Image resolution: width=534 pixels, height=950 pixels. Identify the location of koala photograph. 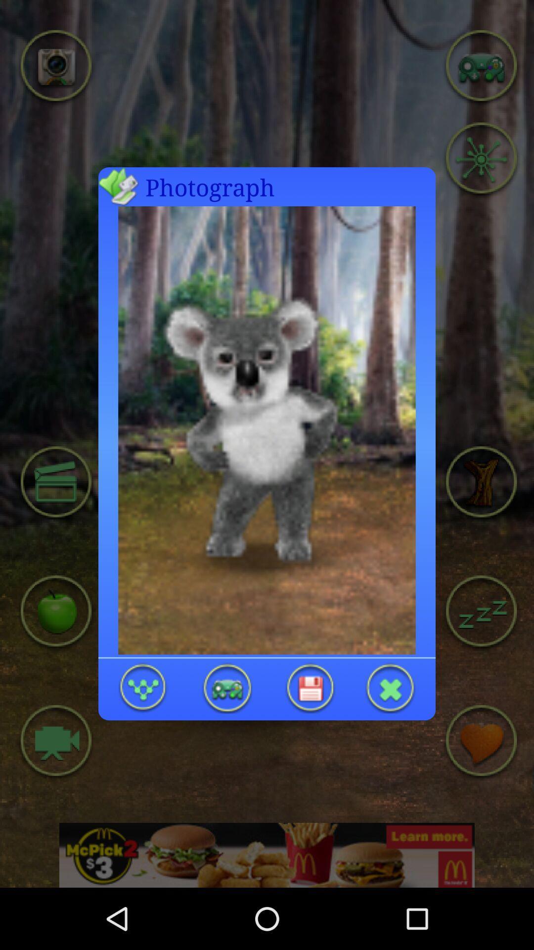
(310, 687).